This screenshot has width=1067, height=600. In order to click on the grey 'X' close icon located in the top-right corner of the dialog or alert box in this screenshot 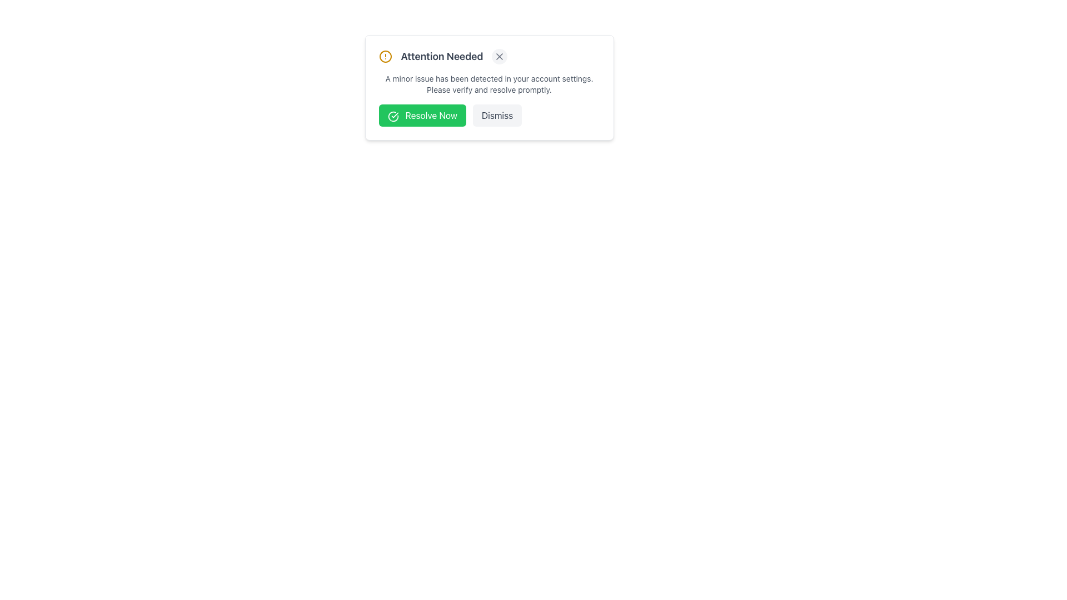, I will do `click(499, 56)`.